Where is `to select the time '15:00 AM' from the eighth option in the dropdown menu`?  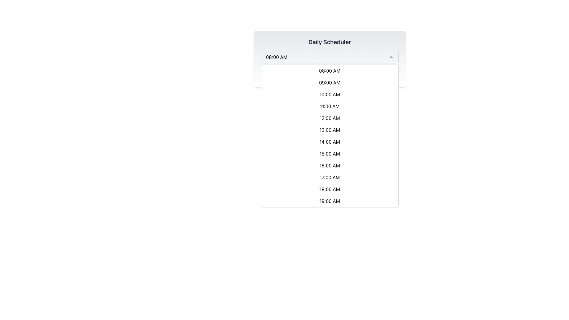
to select the time '15:00 AM' from the eighth option in the dropdown menu is located at coordinates (329, 153).